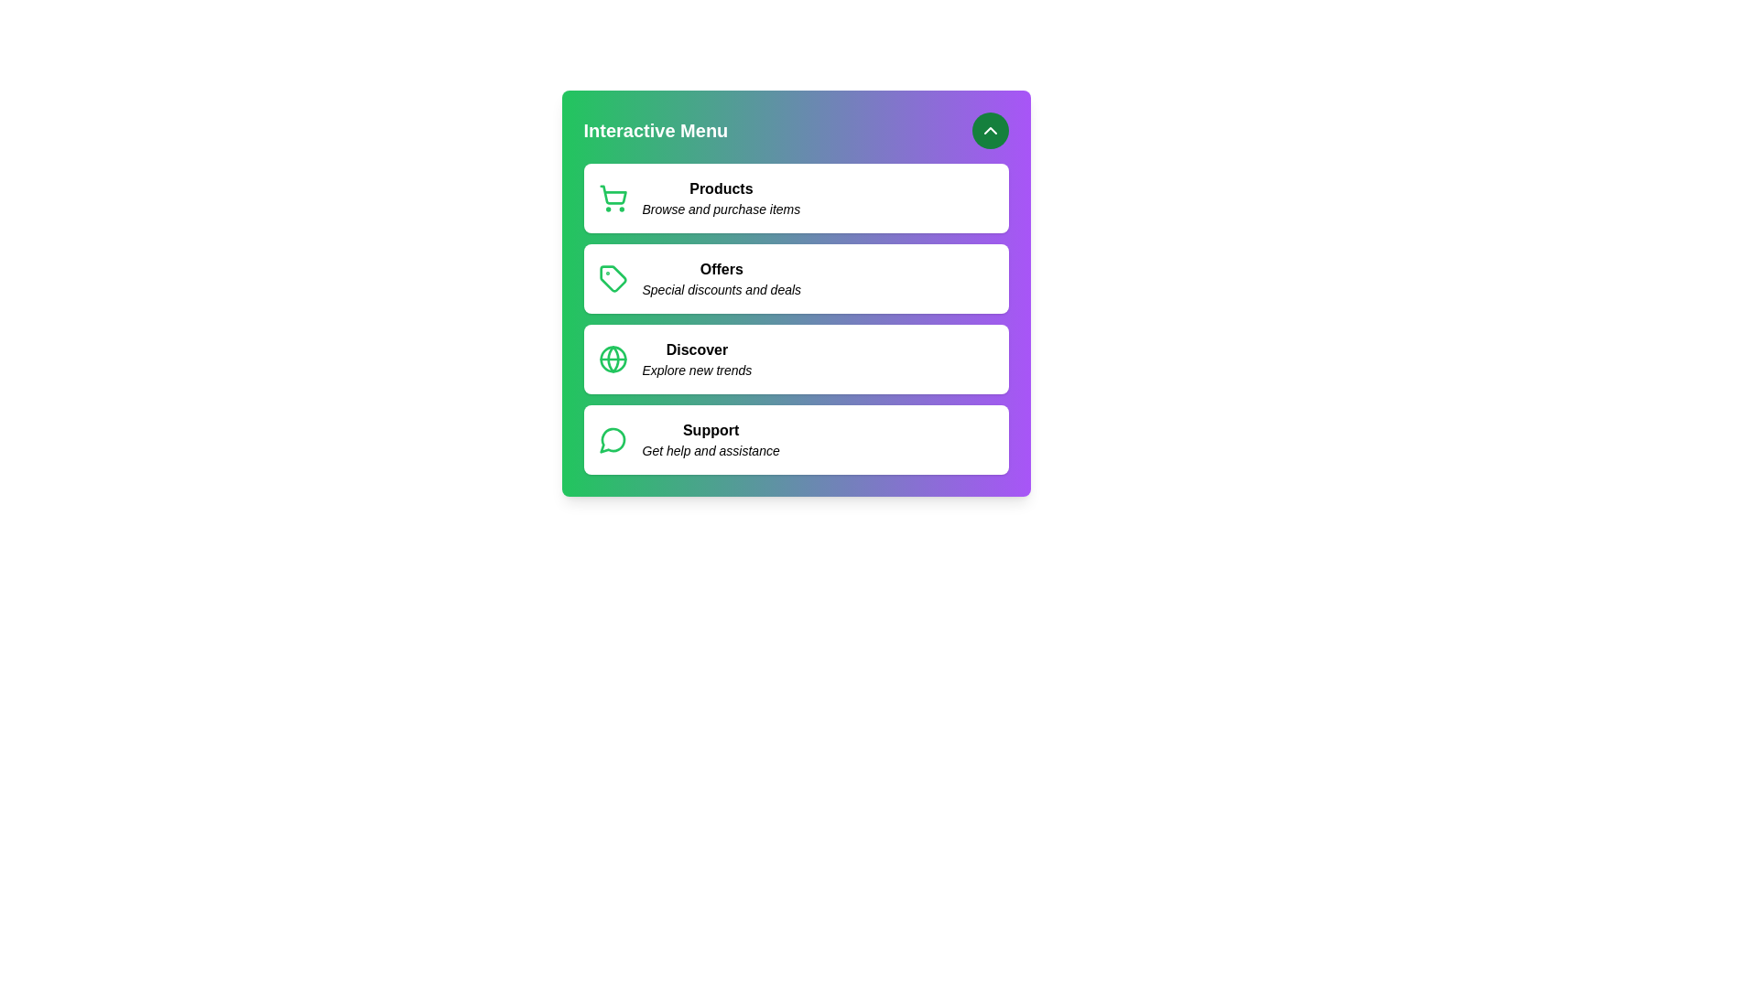 The width and height of the screenshot is (1758, 988). I want to click on chevron button to toggle the menu visibility, so click(989, 129).